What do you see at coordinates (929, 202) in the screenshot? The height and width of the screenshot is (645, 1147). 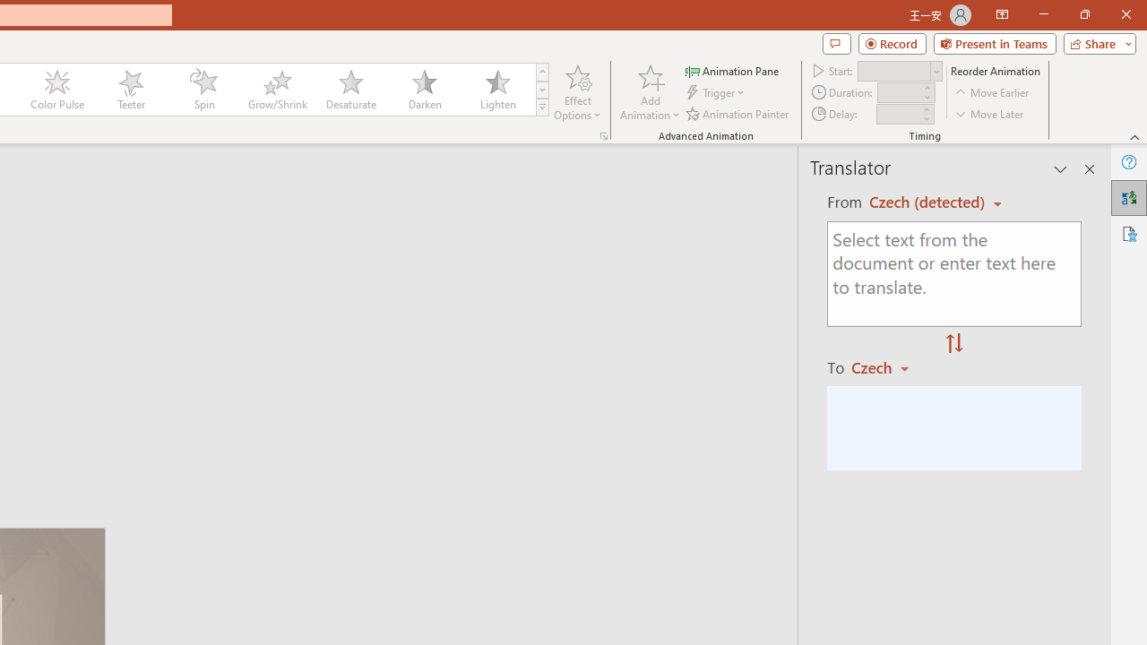 I see `'Czech (detected)'` at bounding box center [929, 202].